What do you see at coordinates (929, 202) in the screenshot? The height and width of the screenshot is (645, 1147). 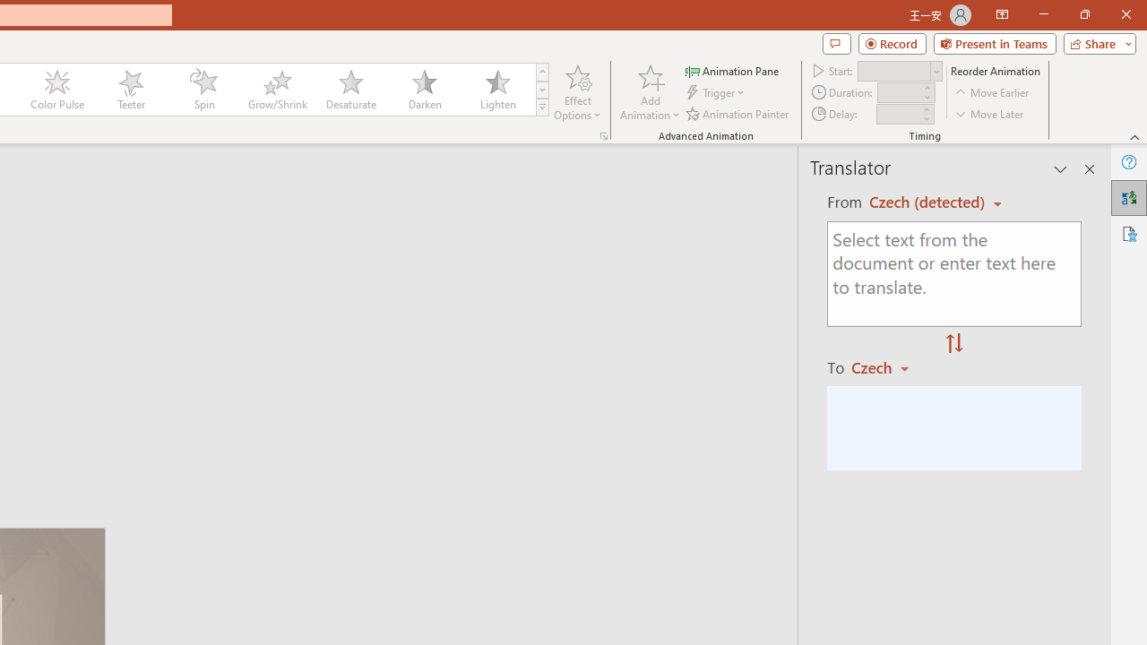 I see `'Czech (detected)'` at bounding box center [929, 202].